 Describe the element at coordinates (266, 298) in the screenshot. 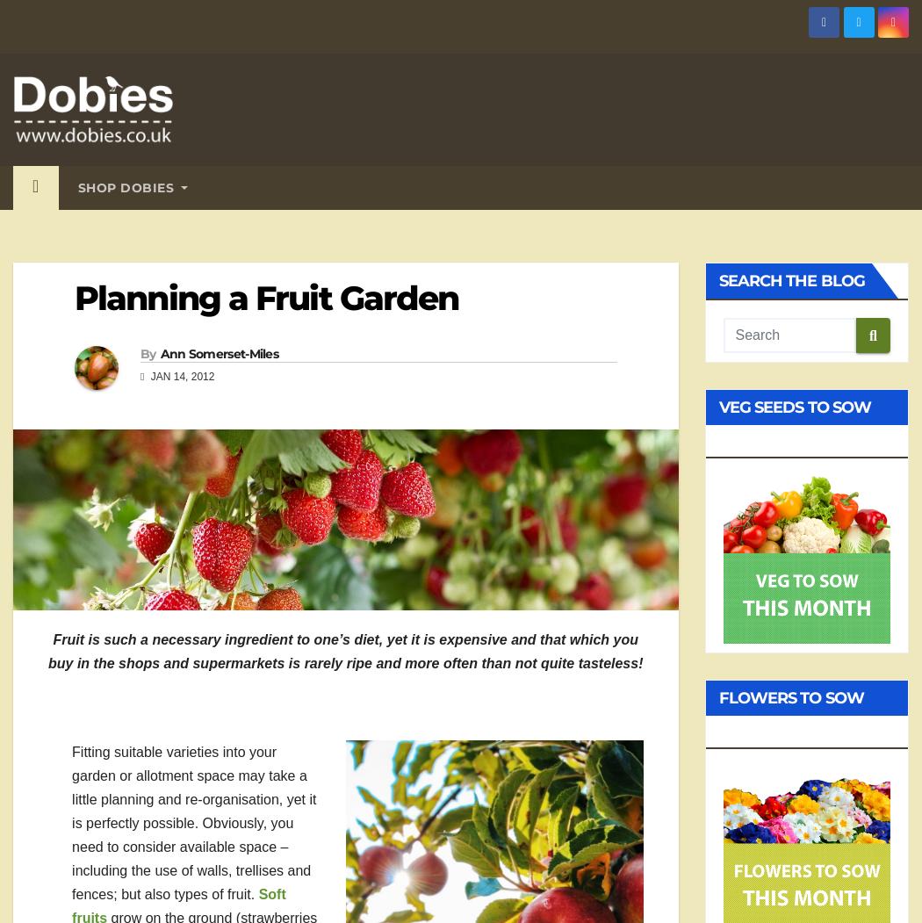

I see `'Planning a Fruit Garden'` at that location.